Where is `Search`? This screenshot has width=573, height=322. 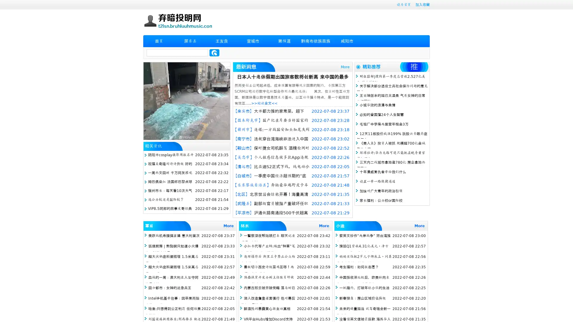
Search is located at coordinates (214, 52).